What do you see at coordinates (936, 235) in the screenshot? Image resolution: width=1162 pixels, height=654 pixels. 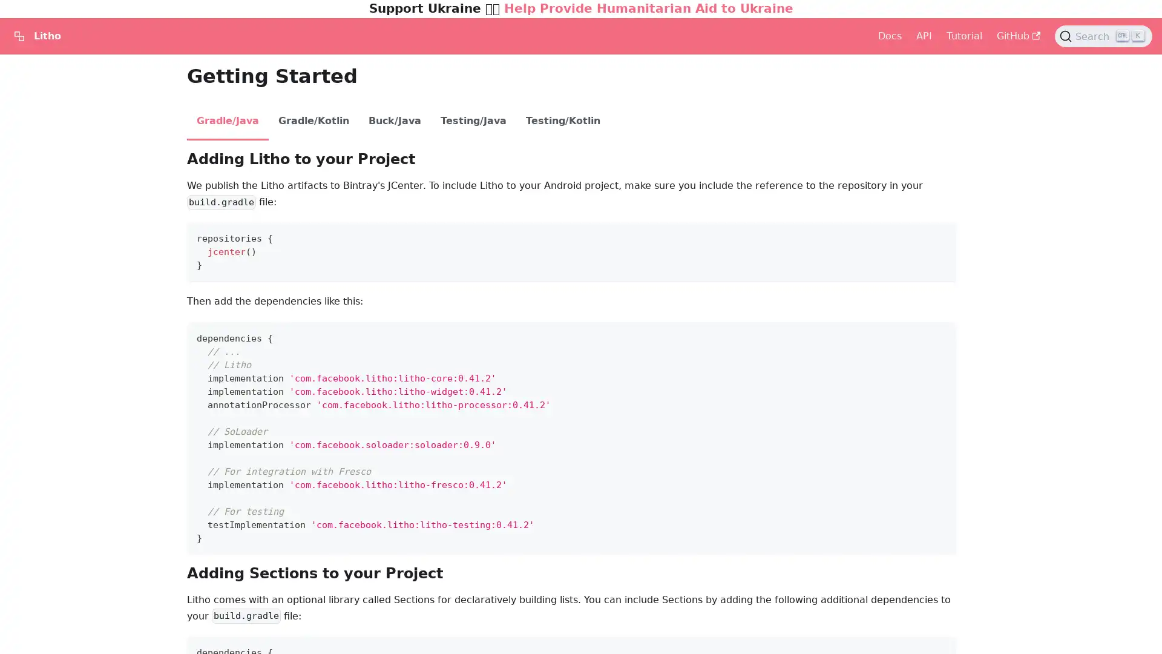 I see `Copy code to clipboard` at bounding box center [936, 235].